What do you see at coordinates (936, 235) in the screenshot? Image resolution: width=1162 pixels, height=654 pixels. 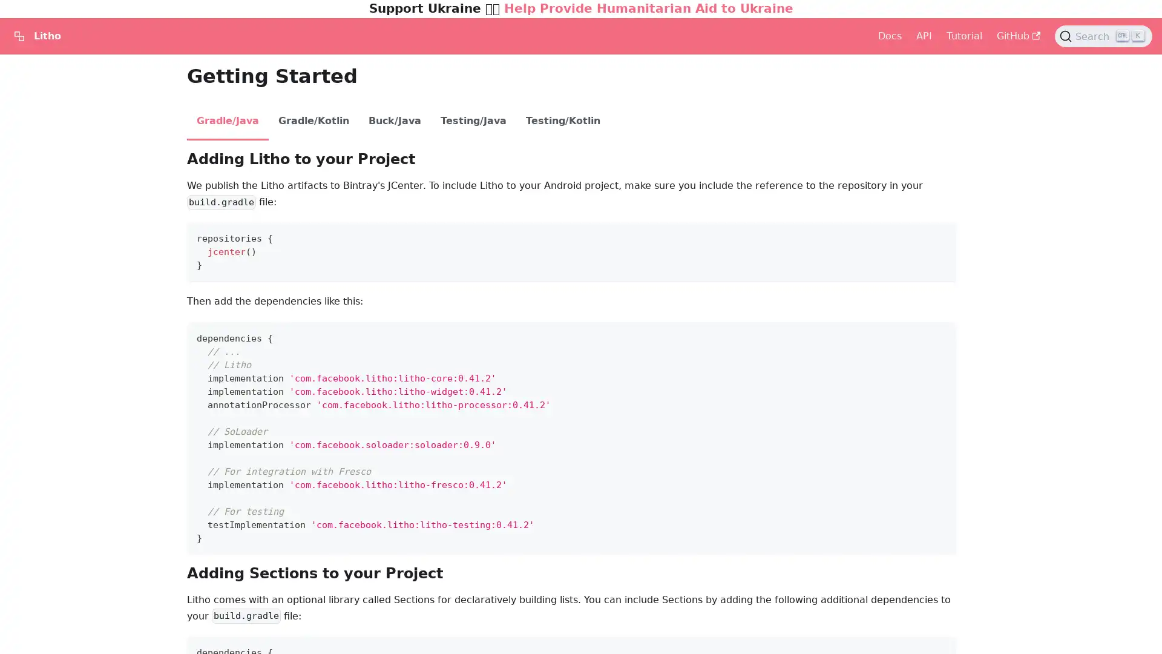 I see `Copy code to clipboard` at bounding box center [936, 235].